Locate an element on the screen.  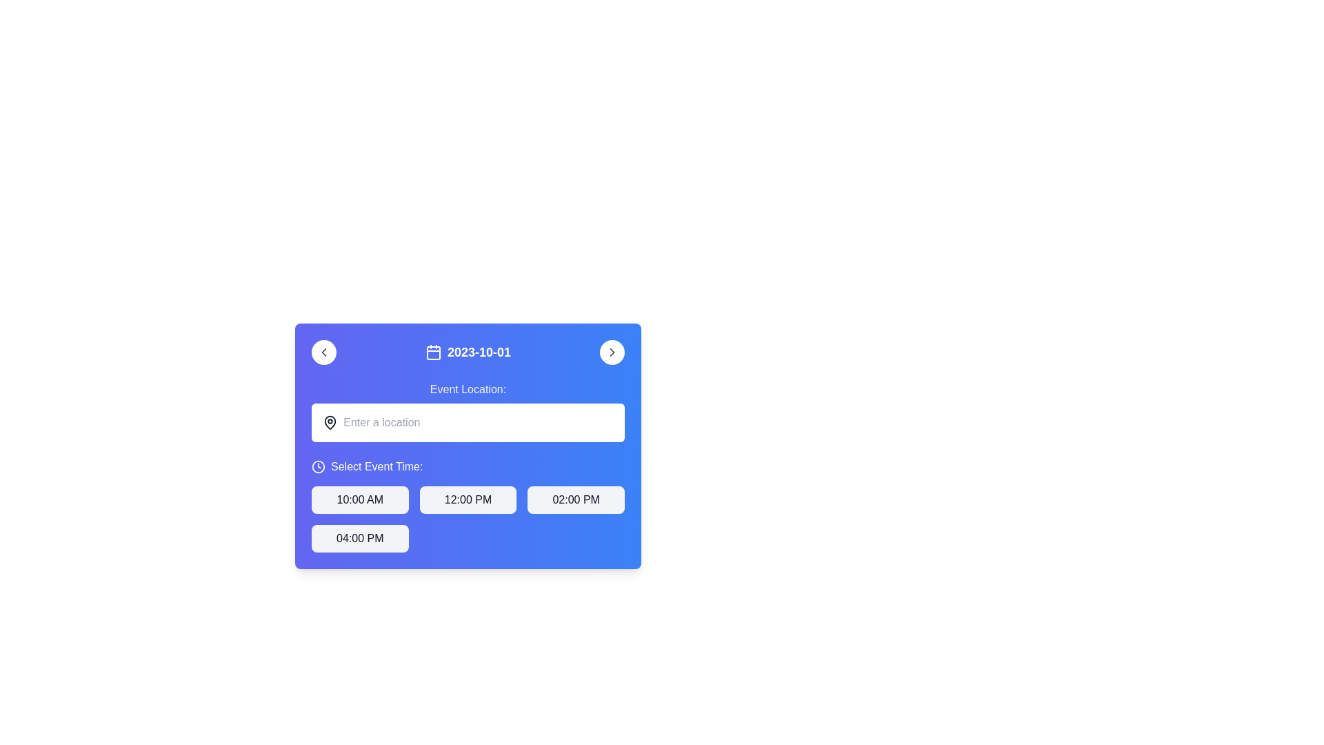
the date indicator icon aligned to the left of the text '2023-10-01' is located at coordinates (432, 351).